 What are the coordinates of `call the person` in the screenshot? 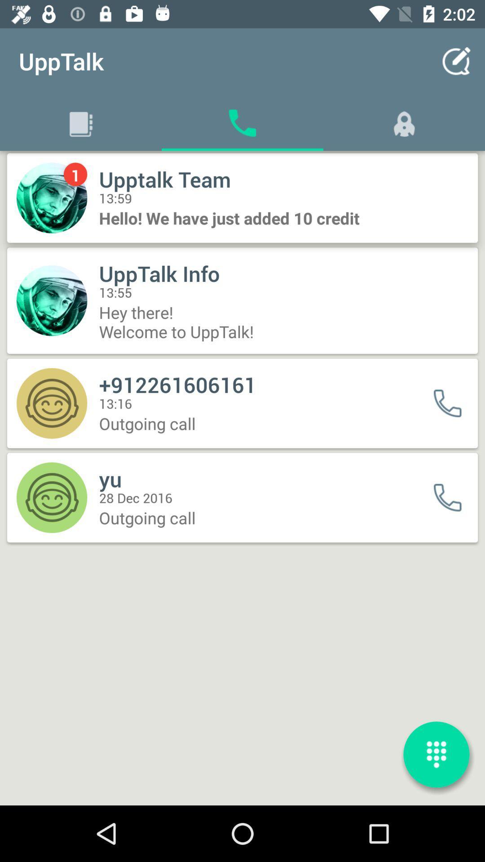 It's located at (453, 497).